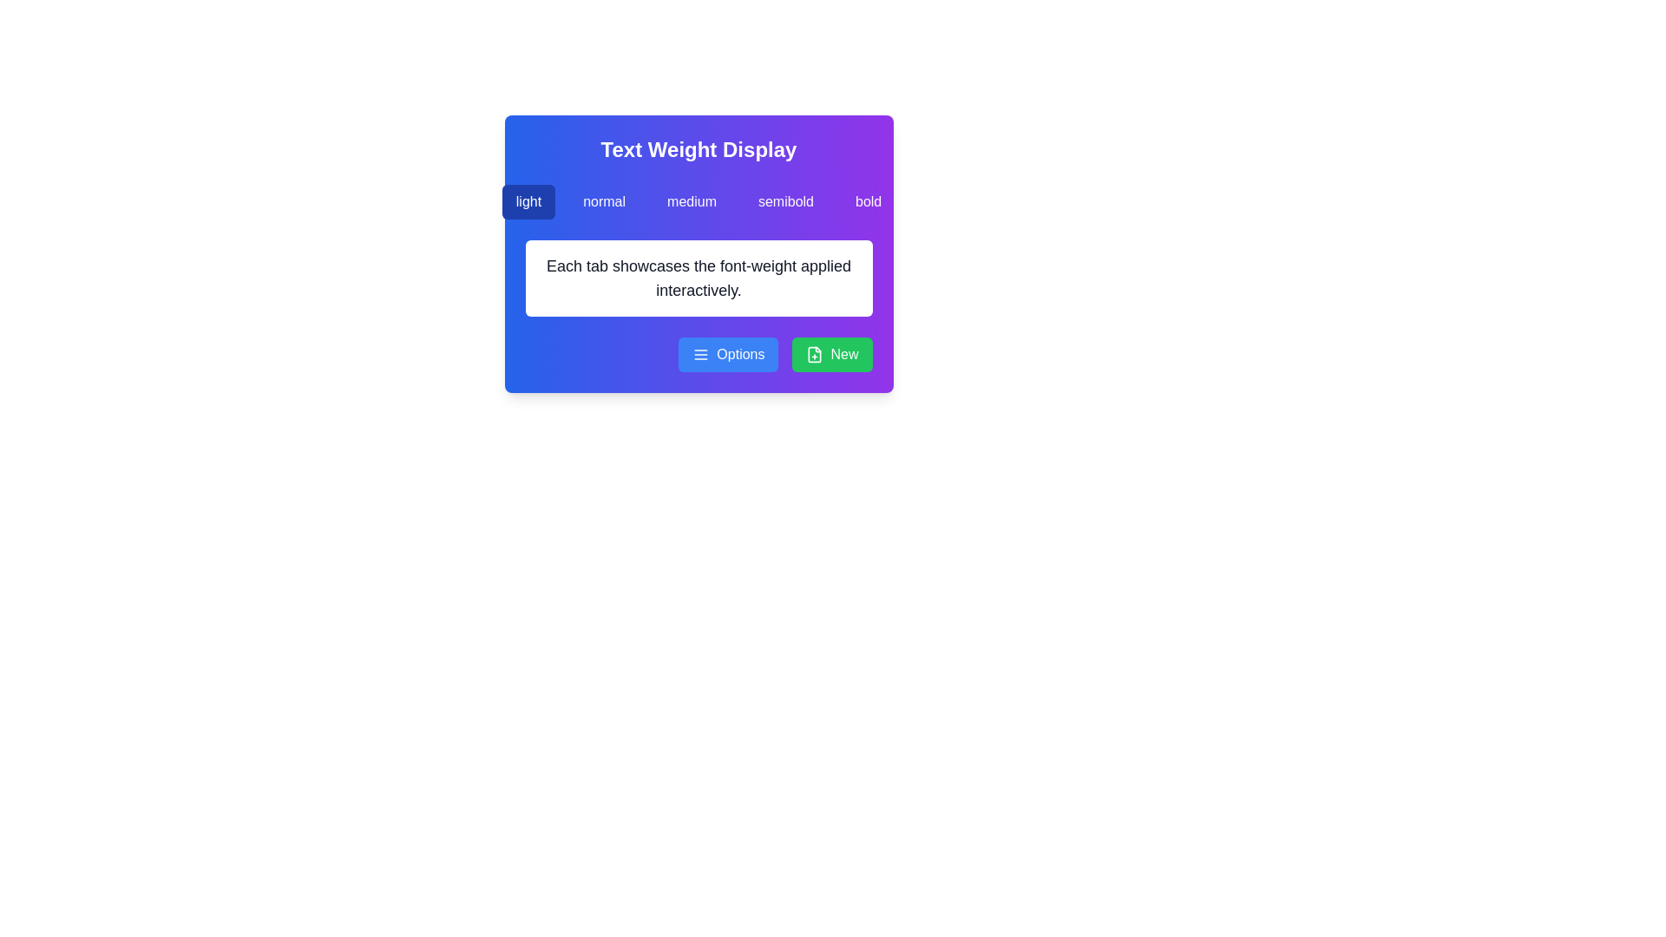  What do you see at coordinates (729, 353) in the screenshot?
I see `the blue rounded button labeled 'Options' located at the bottom right of the card-like interface` at bounding box center [729, 353].